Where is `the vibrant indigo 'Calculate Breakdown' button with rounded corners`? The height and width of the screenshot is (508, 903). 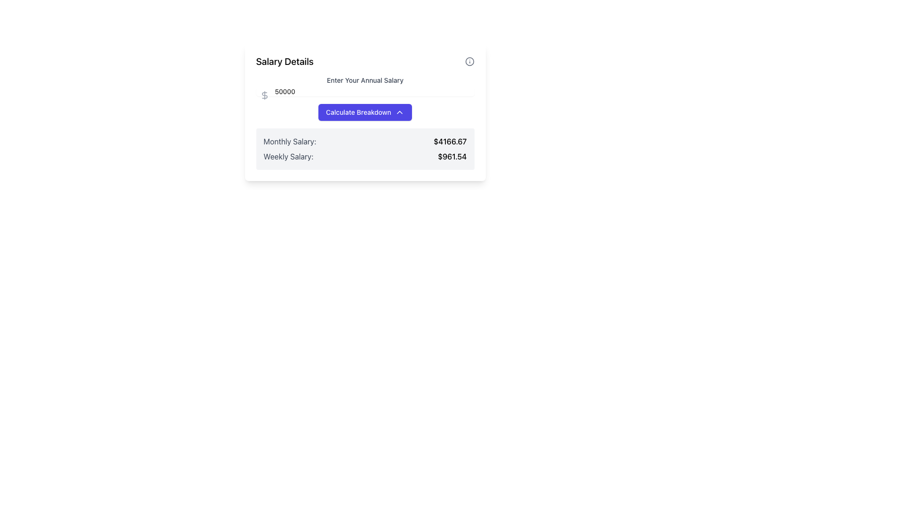
the vibrant indigo 'Calculate Breakdown' button with rounded corners is located at coordinates (364, 112).